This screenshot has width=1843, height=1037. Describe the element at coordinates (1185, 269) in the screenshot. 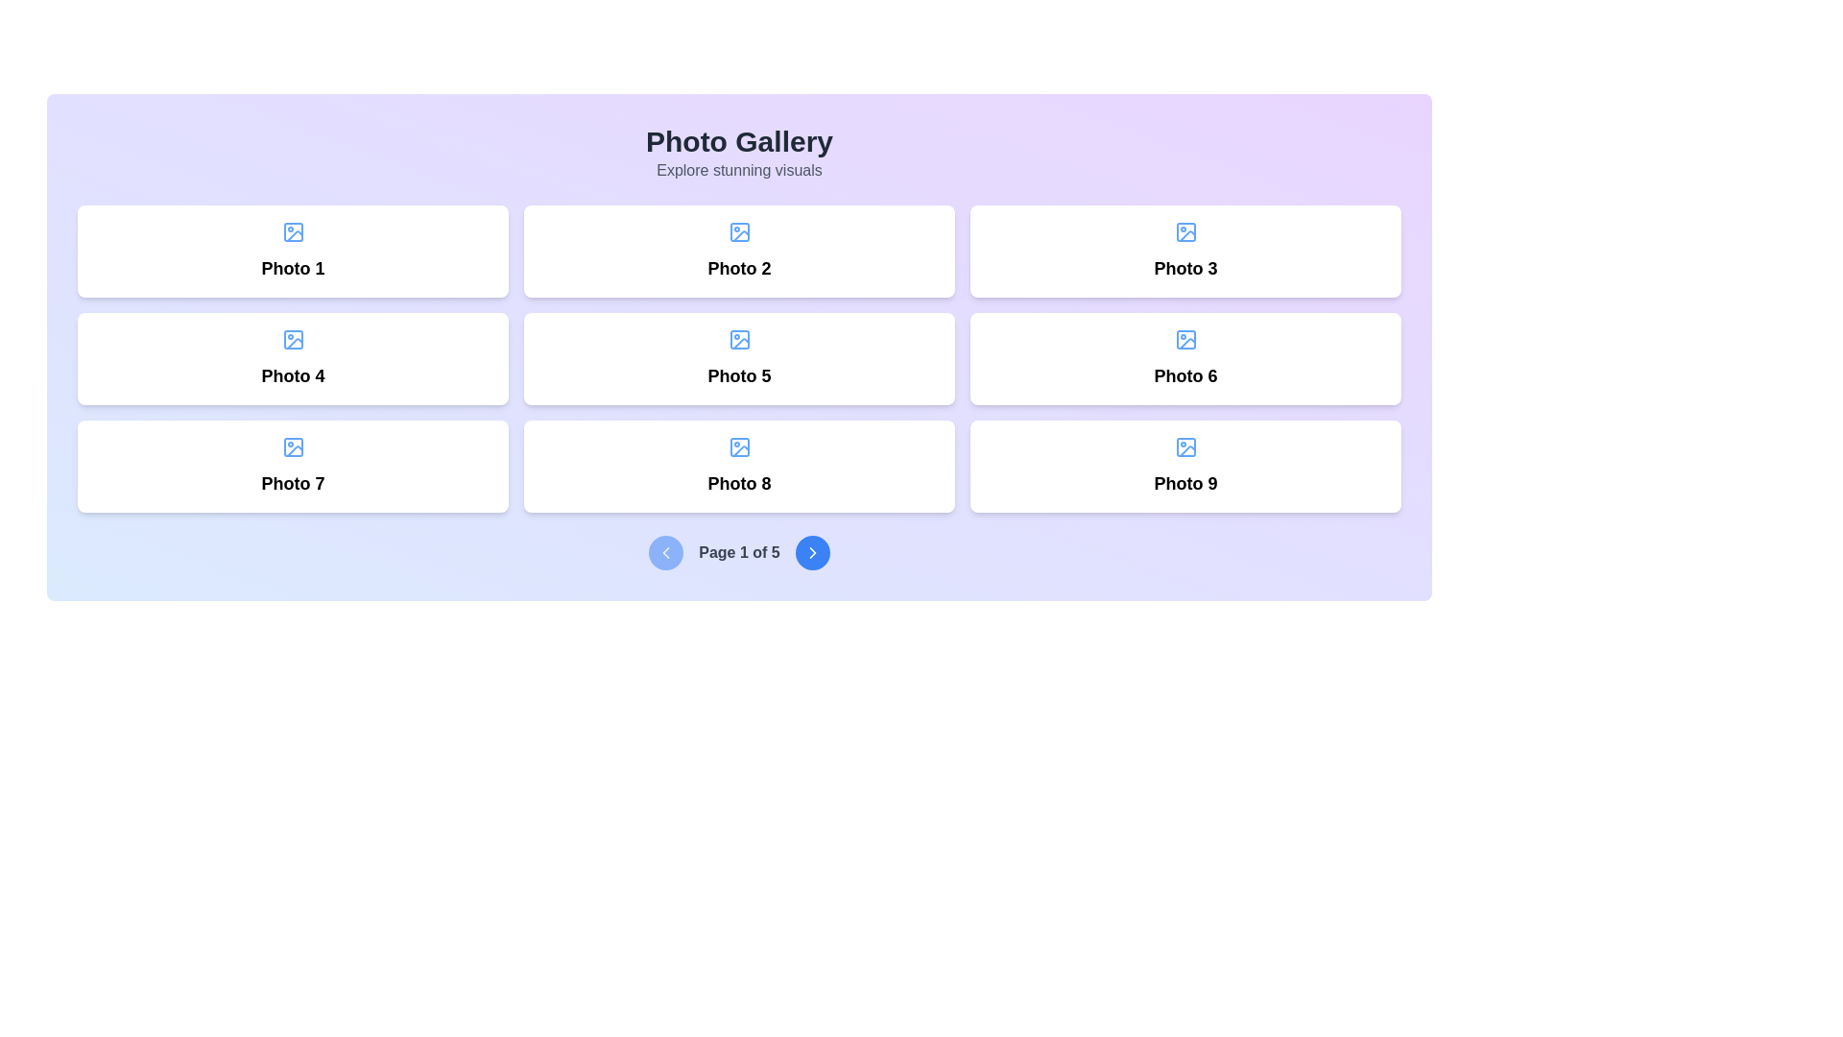

I see `the text label that identifies the card associated with 'Photo 3', located in the third card of a 3x3 grid layout, directly below the image icon` at that location.